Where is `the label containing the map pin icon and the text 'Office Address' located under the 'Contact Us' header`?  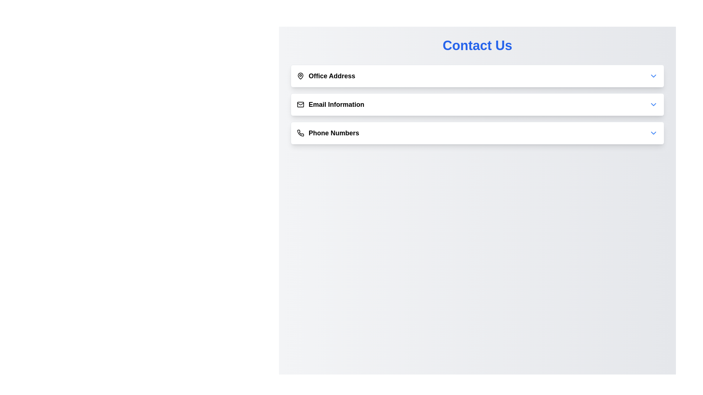 the label containing the map pin icon and the text 'Office Address' located under the 'Contact Us' header is located at coordinates (326, 76).